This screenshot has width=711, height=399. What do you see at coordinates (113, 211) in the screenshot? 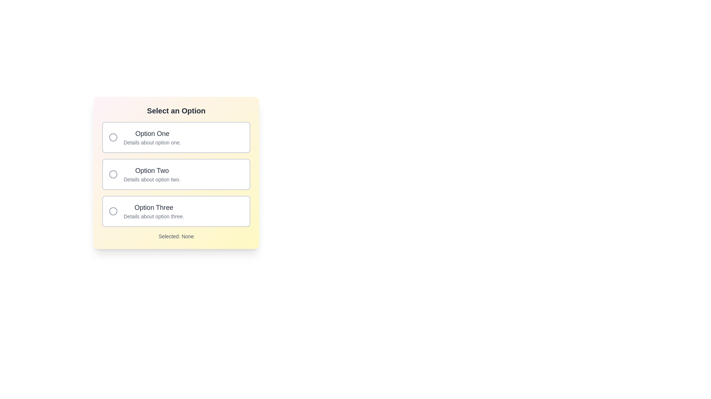
I see `the selection indicator of the third option button, which is a circle indicating the selection state for 'Option Three', to trigger visual feedback` at bounding box center [113, 211].